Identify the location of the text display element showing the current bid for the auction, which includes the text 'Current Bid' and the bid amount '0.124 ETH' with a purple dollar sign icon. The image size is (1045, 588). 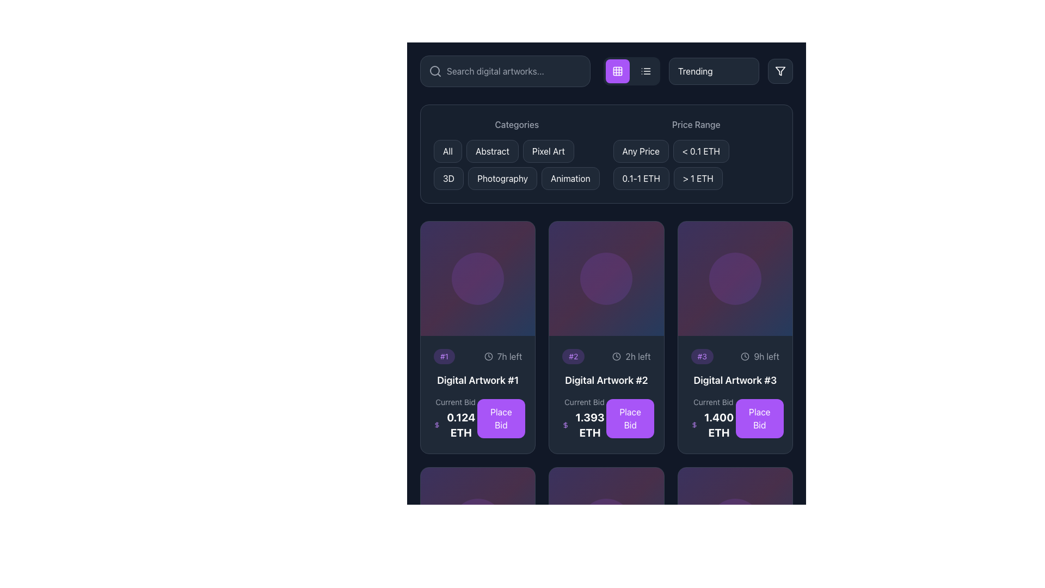
(456, 418).